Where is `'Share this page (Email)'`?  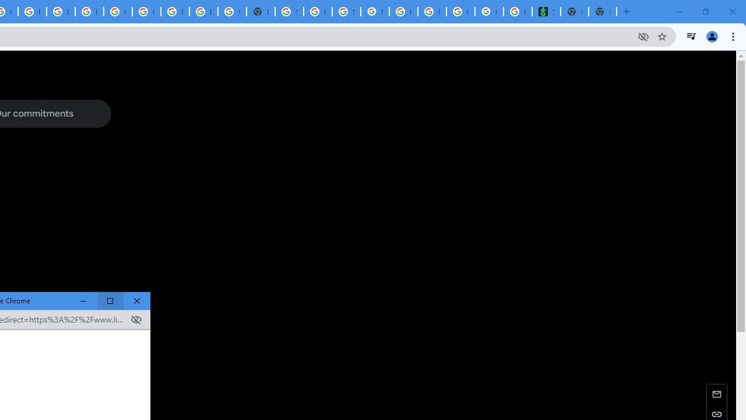 'Share this page (Email)' is located at coordinates (716, 394).